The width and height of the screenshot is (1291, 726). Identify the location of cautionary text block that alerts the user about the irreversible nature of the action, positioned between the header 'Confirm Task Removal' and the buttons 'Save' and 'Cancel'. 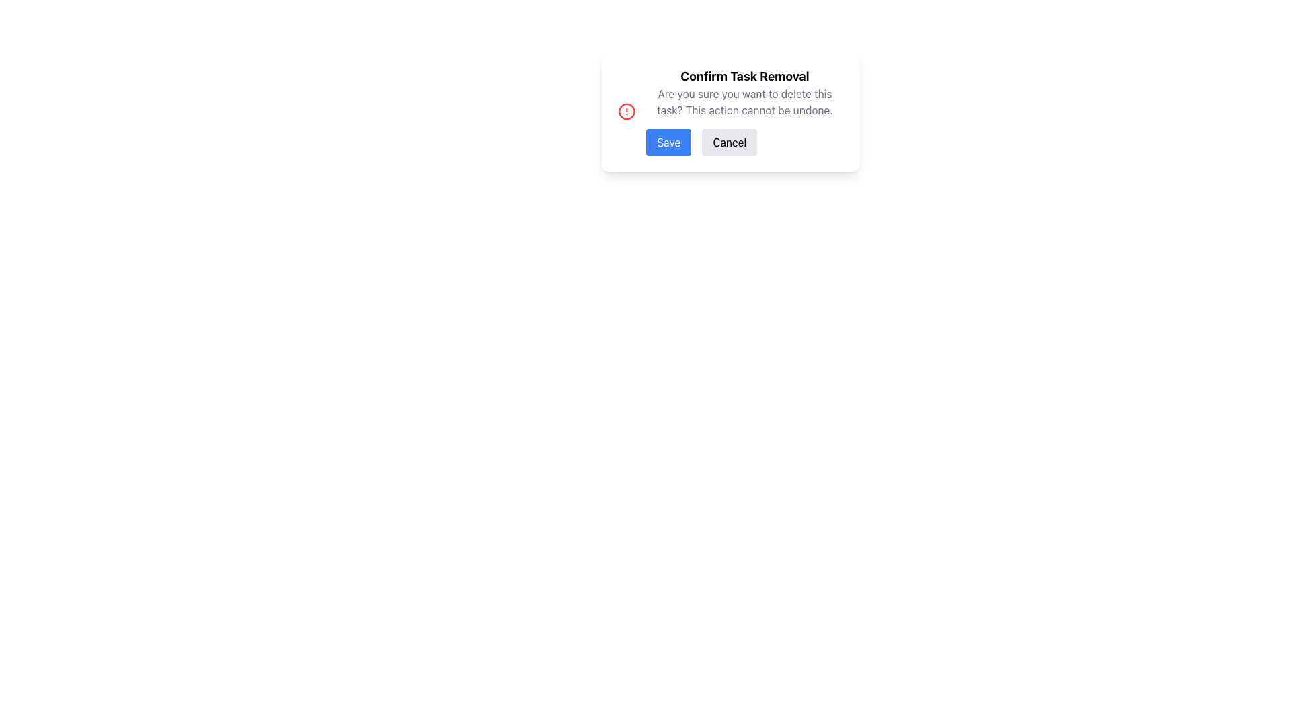
(744, 101).